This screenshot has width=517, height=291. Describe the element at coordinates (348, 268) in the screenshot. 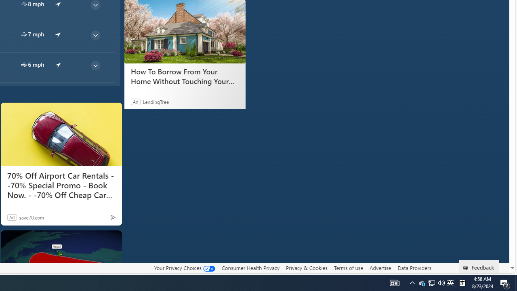

I see `'Terms of use'` at that location.